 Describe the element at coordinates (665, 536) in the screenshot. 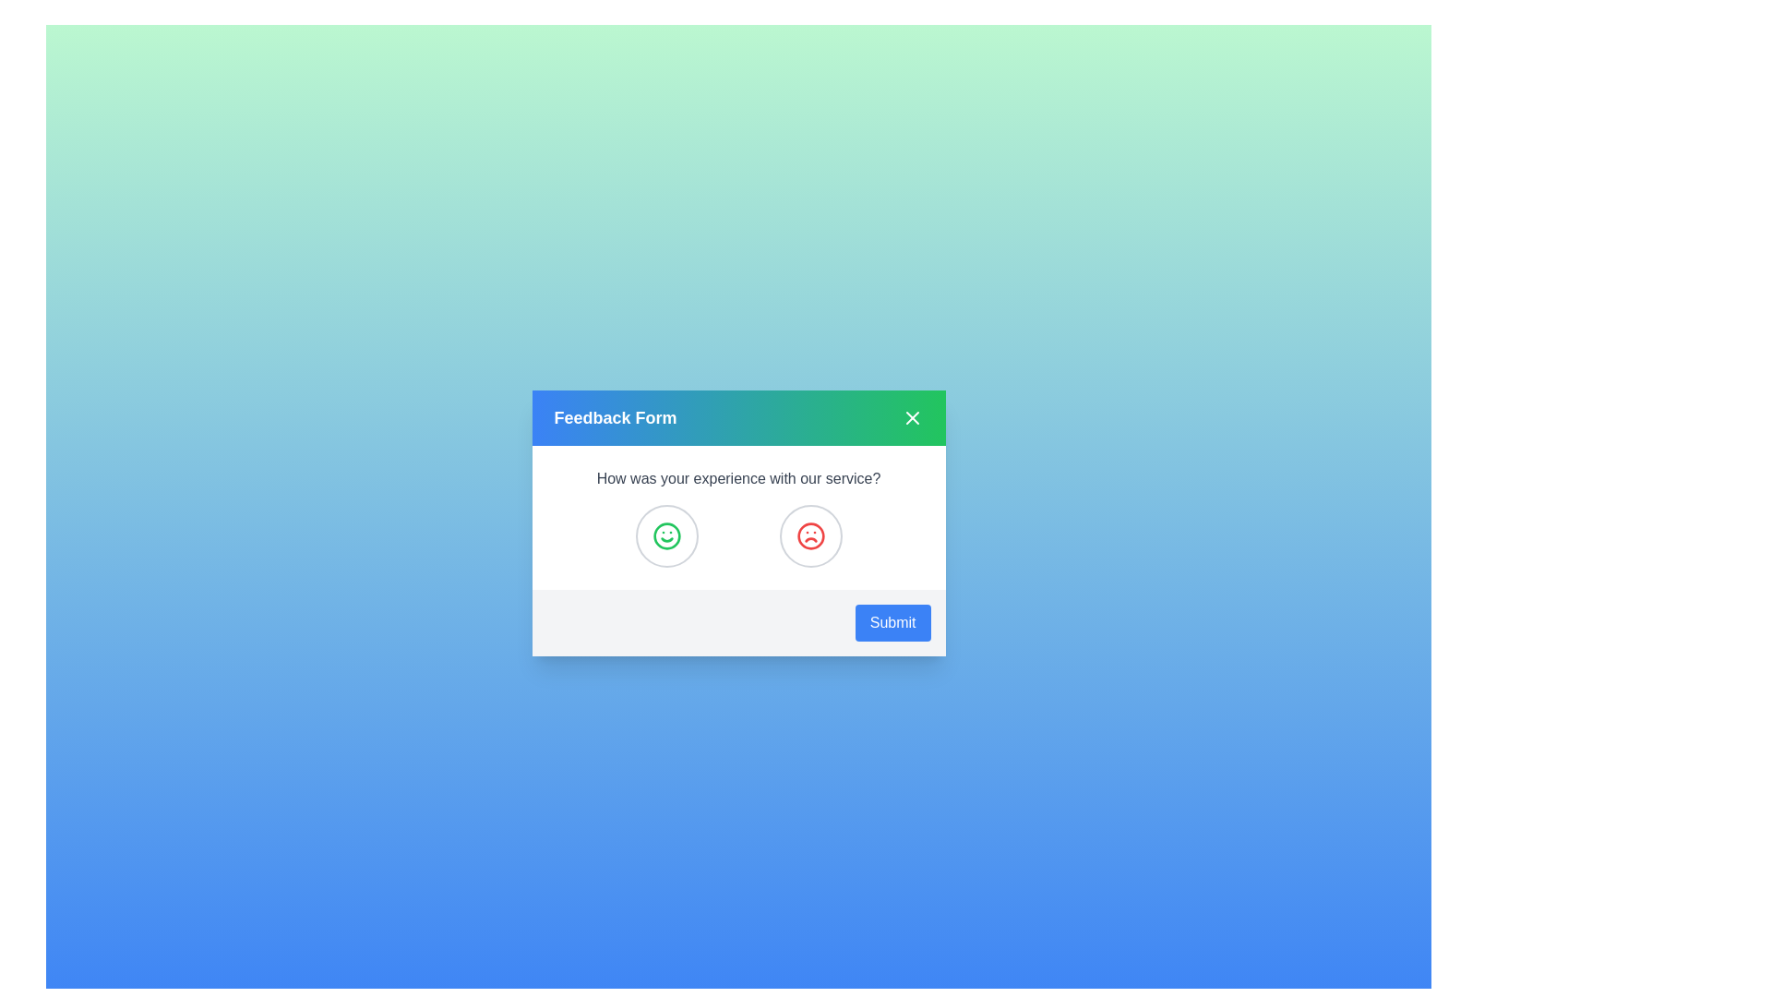

I see `the smiley icon to select positive feedback` at that location.